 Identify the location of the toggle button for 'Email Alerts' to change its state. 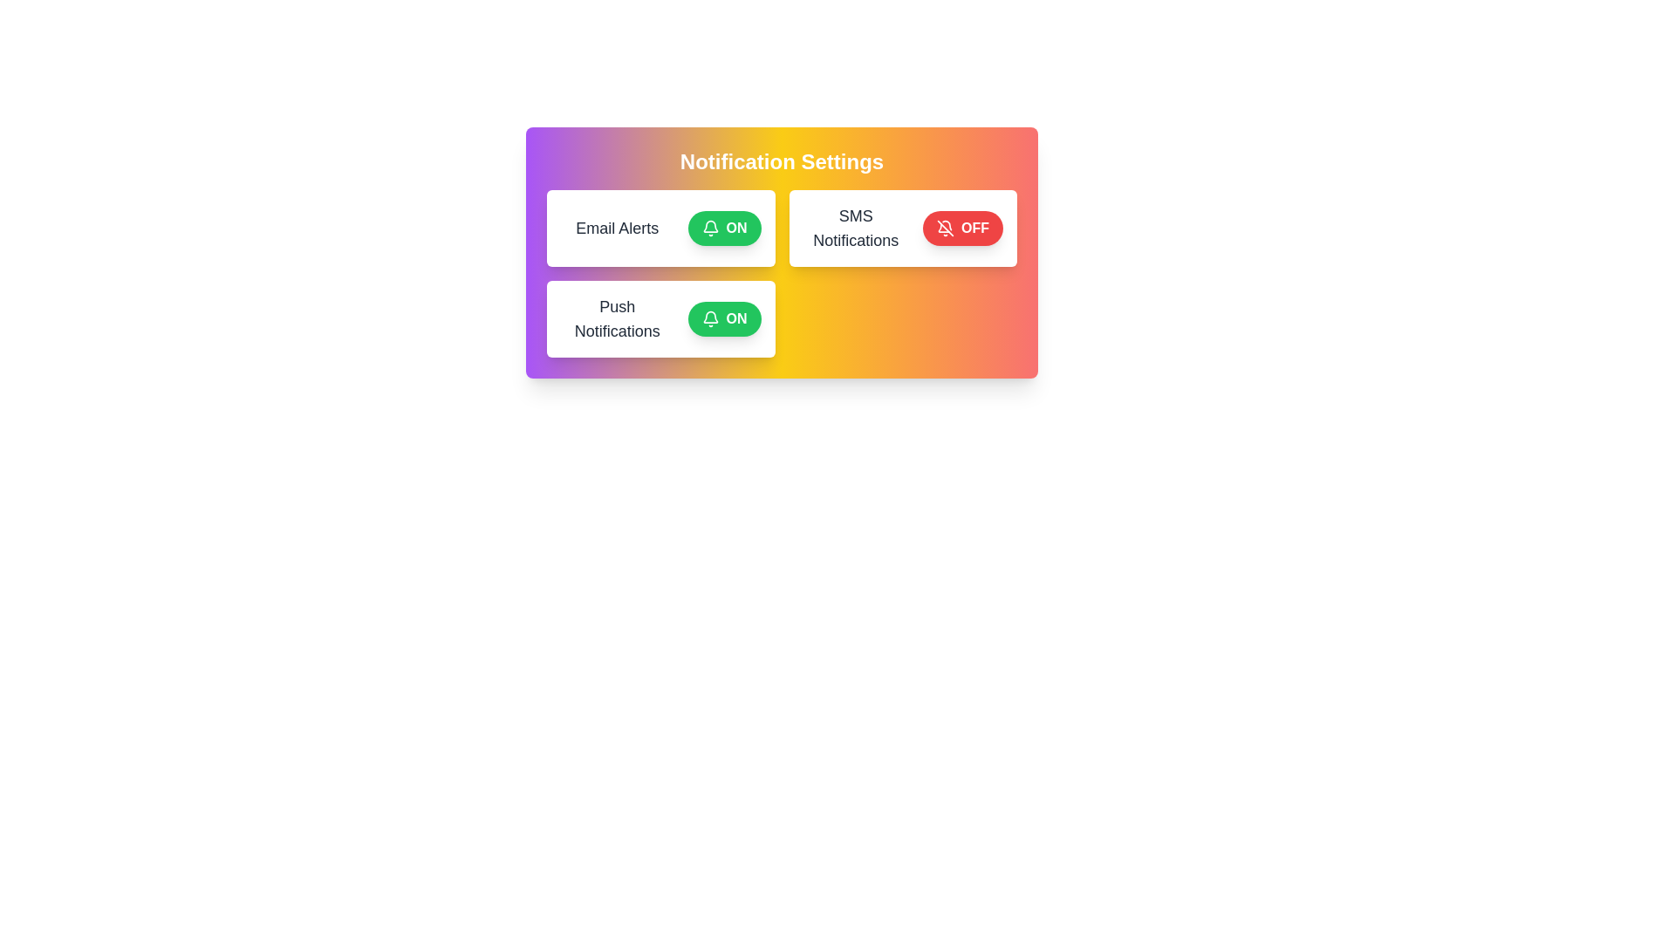
(724, 228).